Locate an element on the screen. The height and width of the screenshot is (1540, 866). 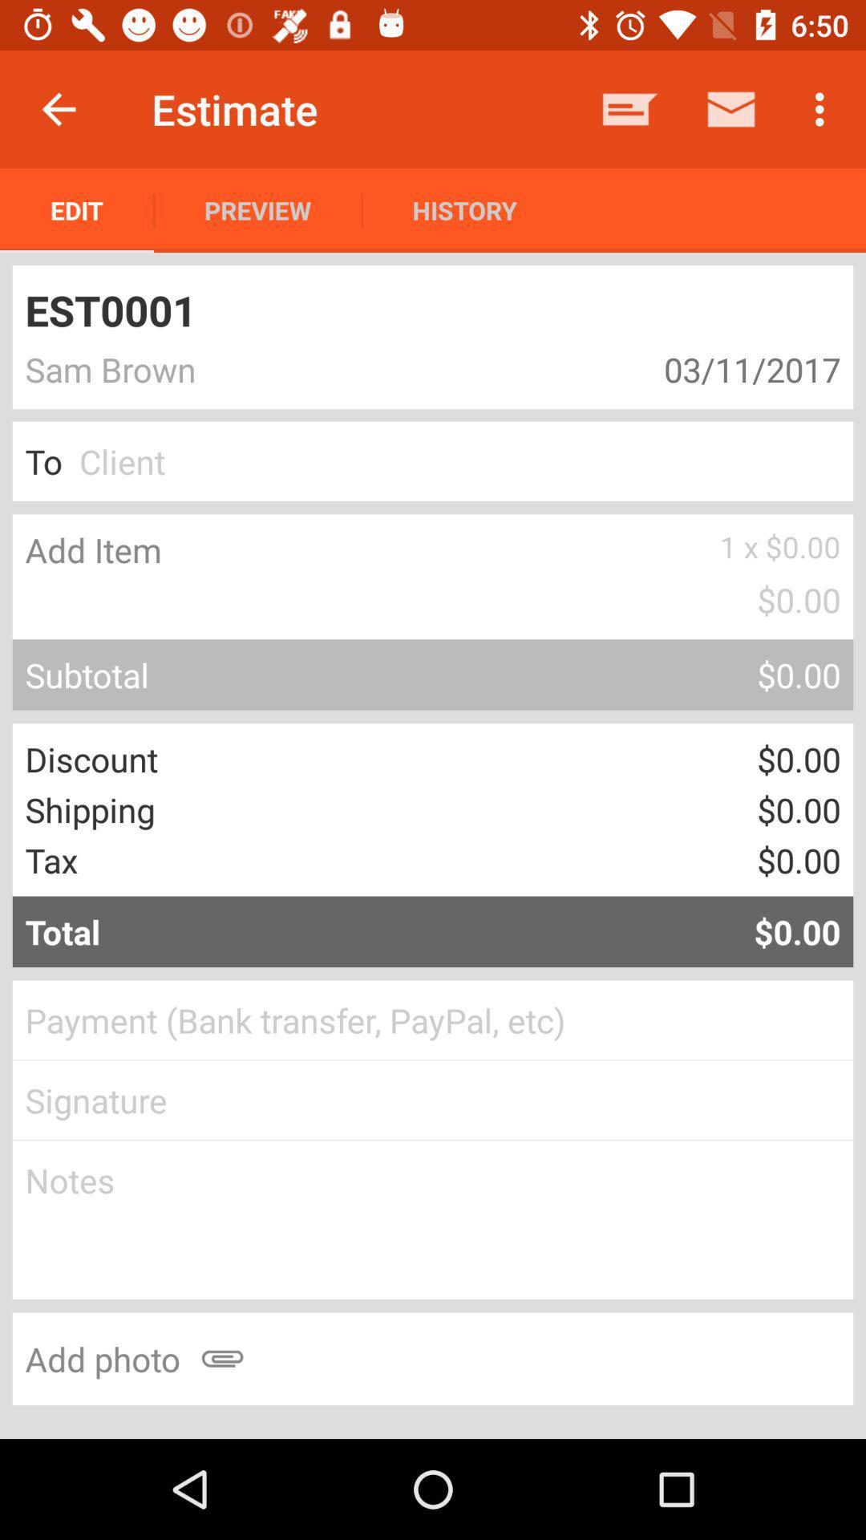
item next to the preview item is located at coordinates (464, 209).